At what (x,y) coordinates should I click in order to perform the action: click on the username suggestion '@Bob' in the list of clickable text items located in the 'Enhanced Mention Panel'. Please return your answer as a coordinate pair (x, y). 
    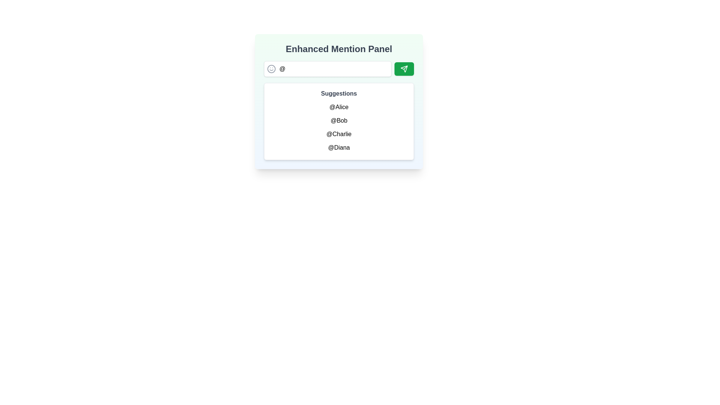
    Looking at the image, I should click on (338, 127).